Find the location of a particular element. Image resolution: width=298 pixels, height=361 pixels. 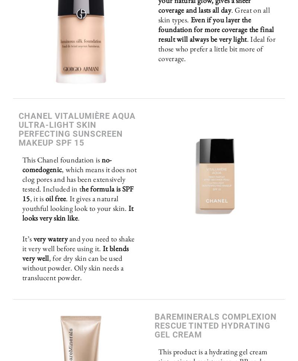

'Even if you layer the foundation for more coverage the final result will always be very light' is located at coordinates (216, 29).